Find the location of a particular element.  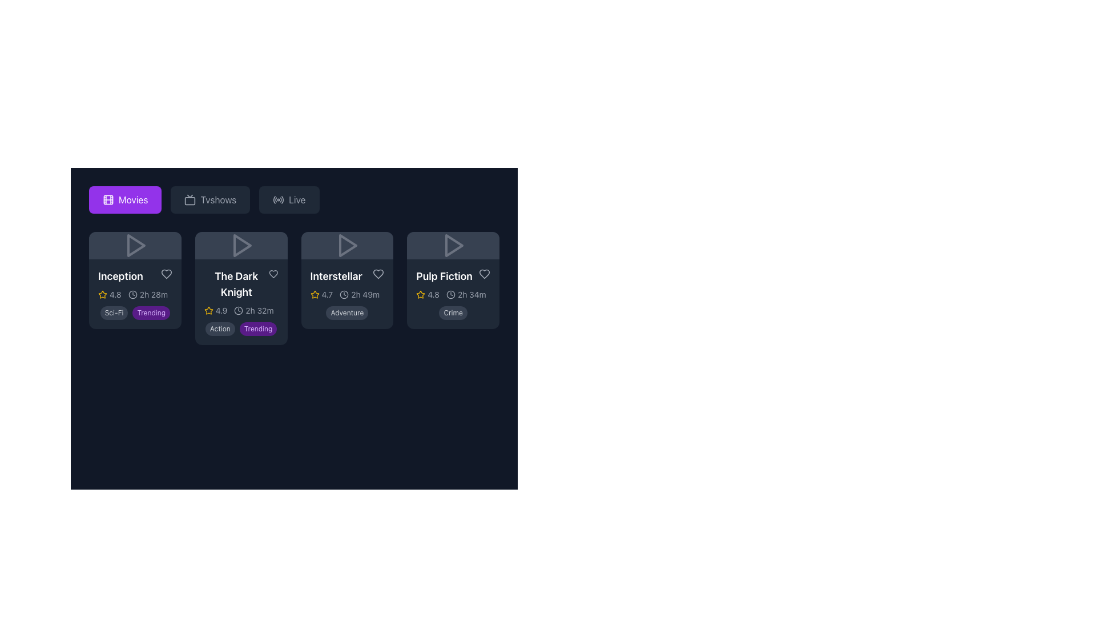

the clock icon for 'The Dark Knight', which is located to the left of the text '2h 32m' is located at coordinates (238, 310).